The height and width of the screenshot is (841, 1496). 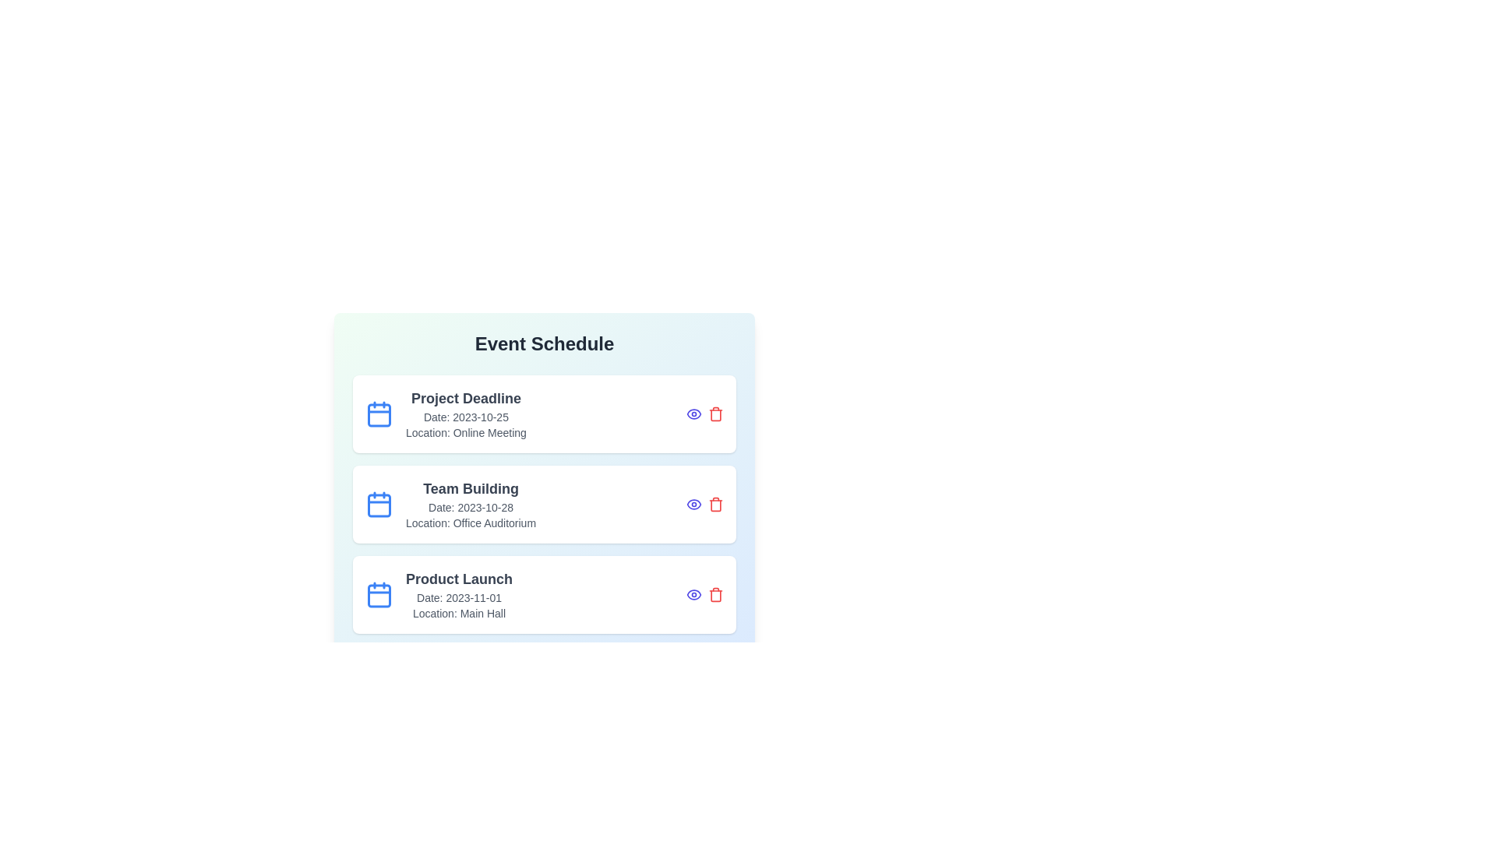 What do you see at coordinates (693, 505) in the screenshot?
I see `'View' button for the event with ID 2` at bounding box center [693, 505].